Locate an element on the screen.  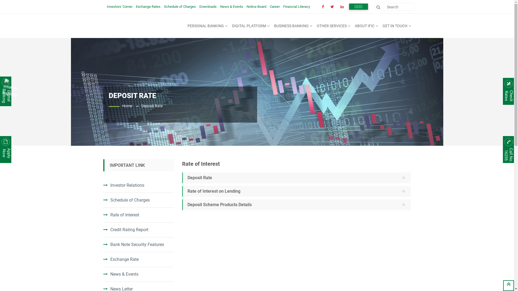
'OTHER SERVICES' is located at coordinates (333, 26).